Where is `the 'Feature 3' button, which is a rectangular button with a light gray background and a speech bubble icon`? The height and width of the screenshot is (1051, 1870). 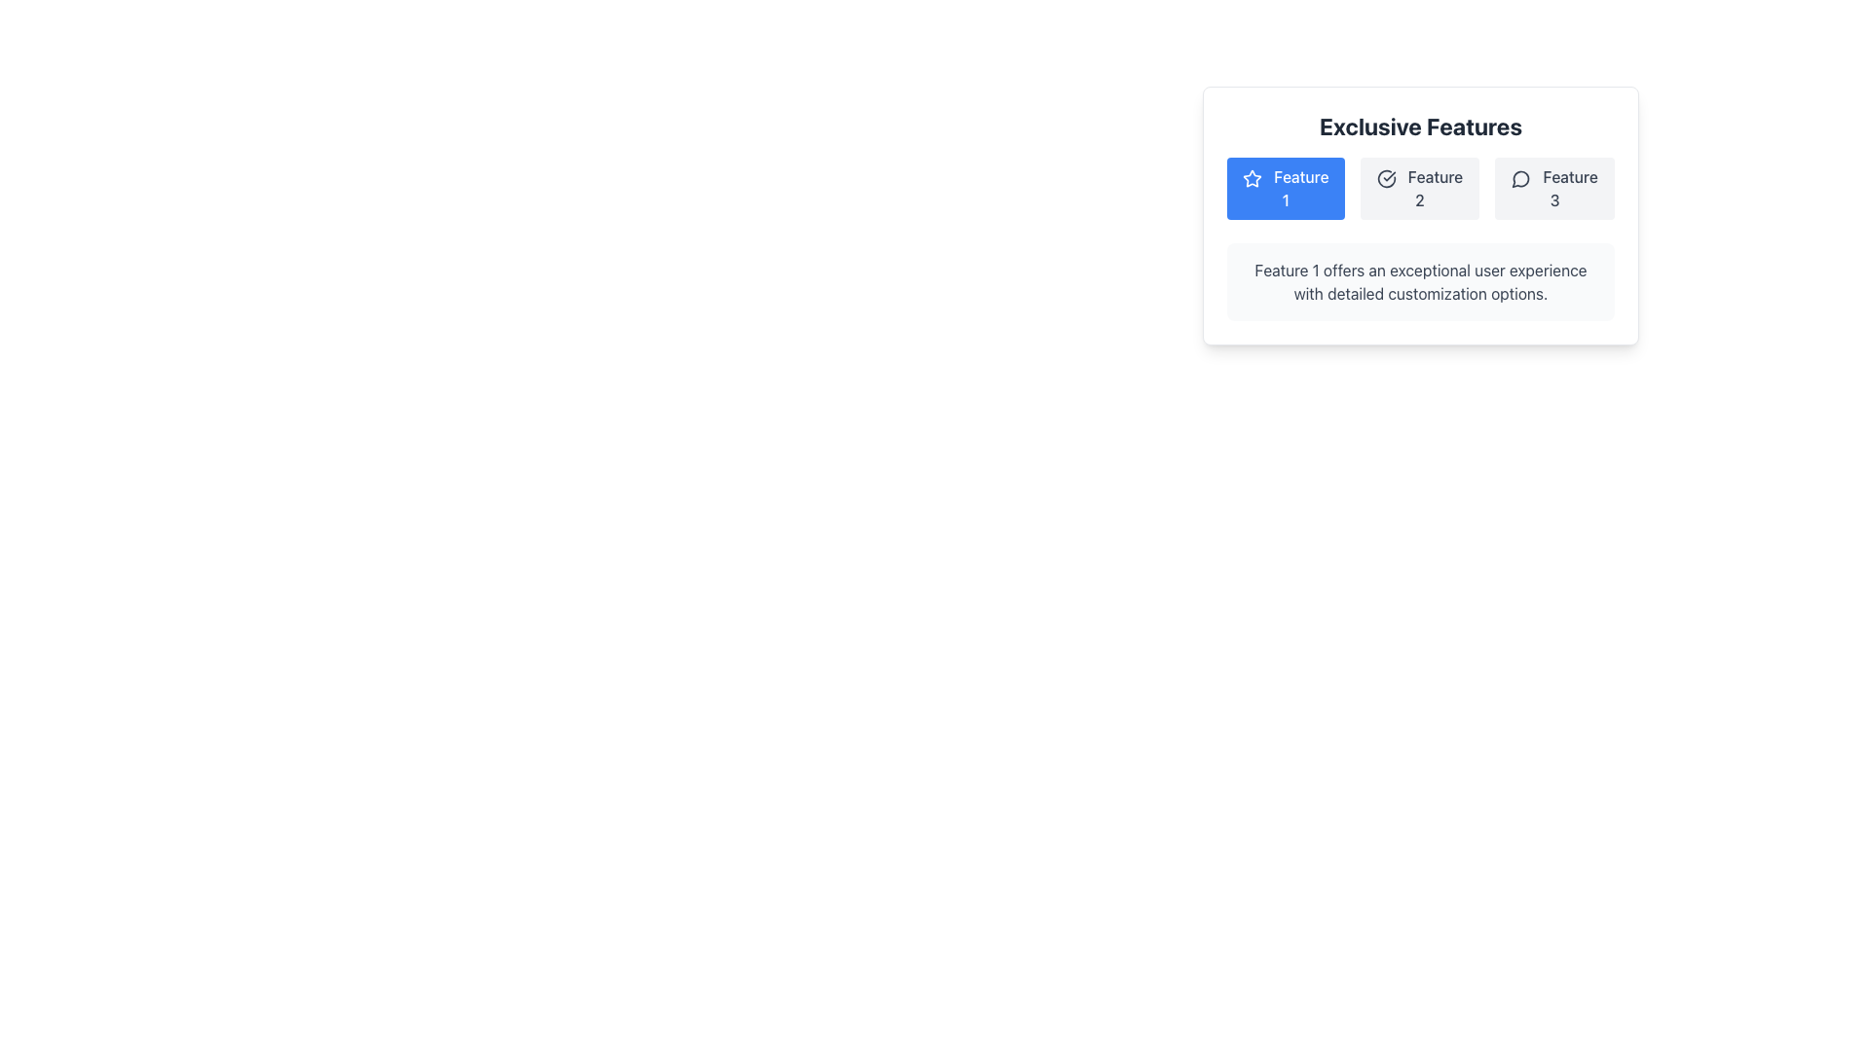 the 'Feature 3' button, which is a rectangular button with a light gray background and a speech bubble icon is located at coordinates (1553, 188).